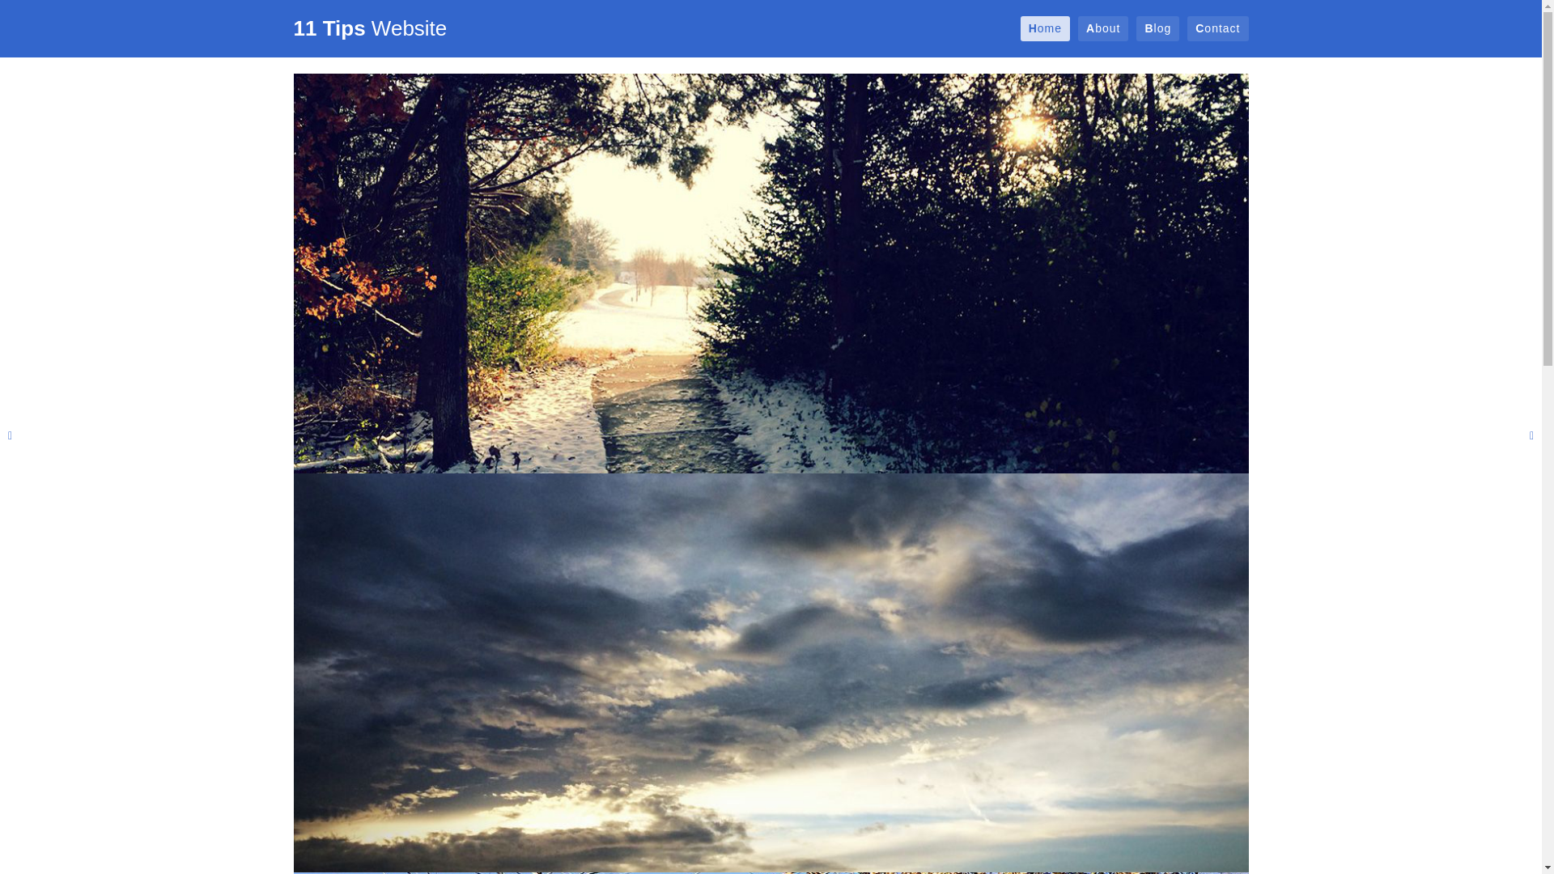  Describe the element at coordinates (368, 28) in the screenshot. I see `'11 Tips Website'` at that location.